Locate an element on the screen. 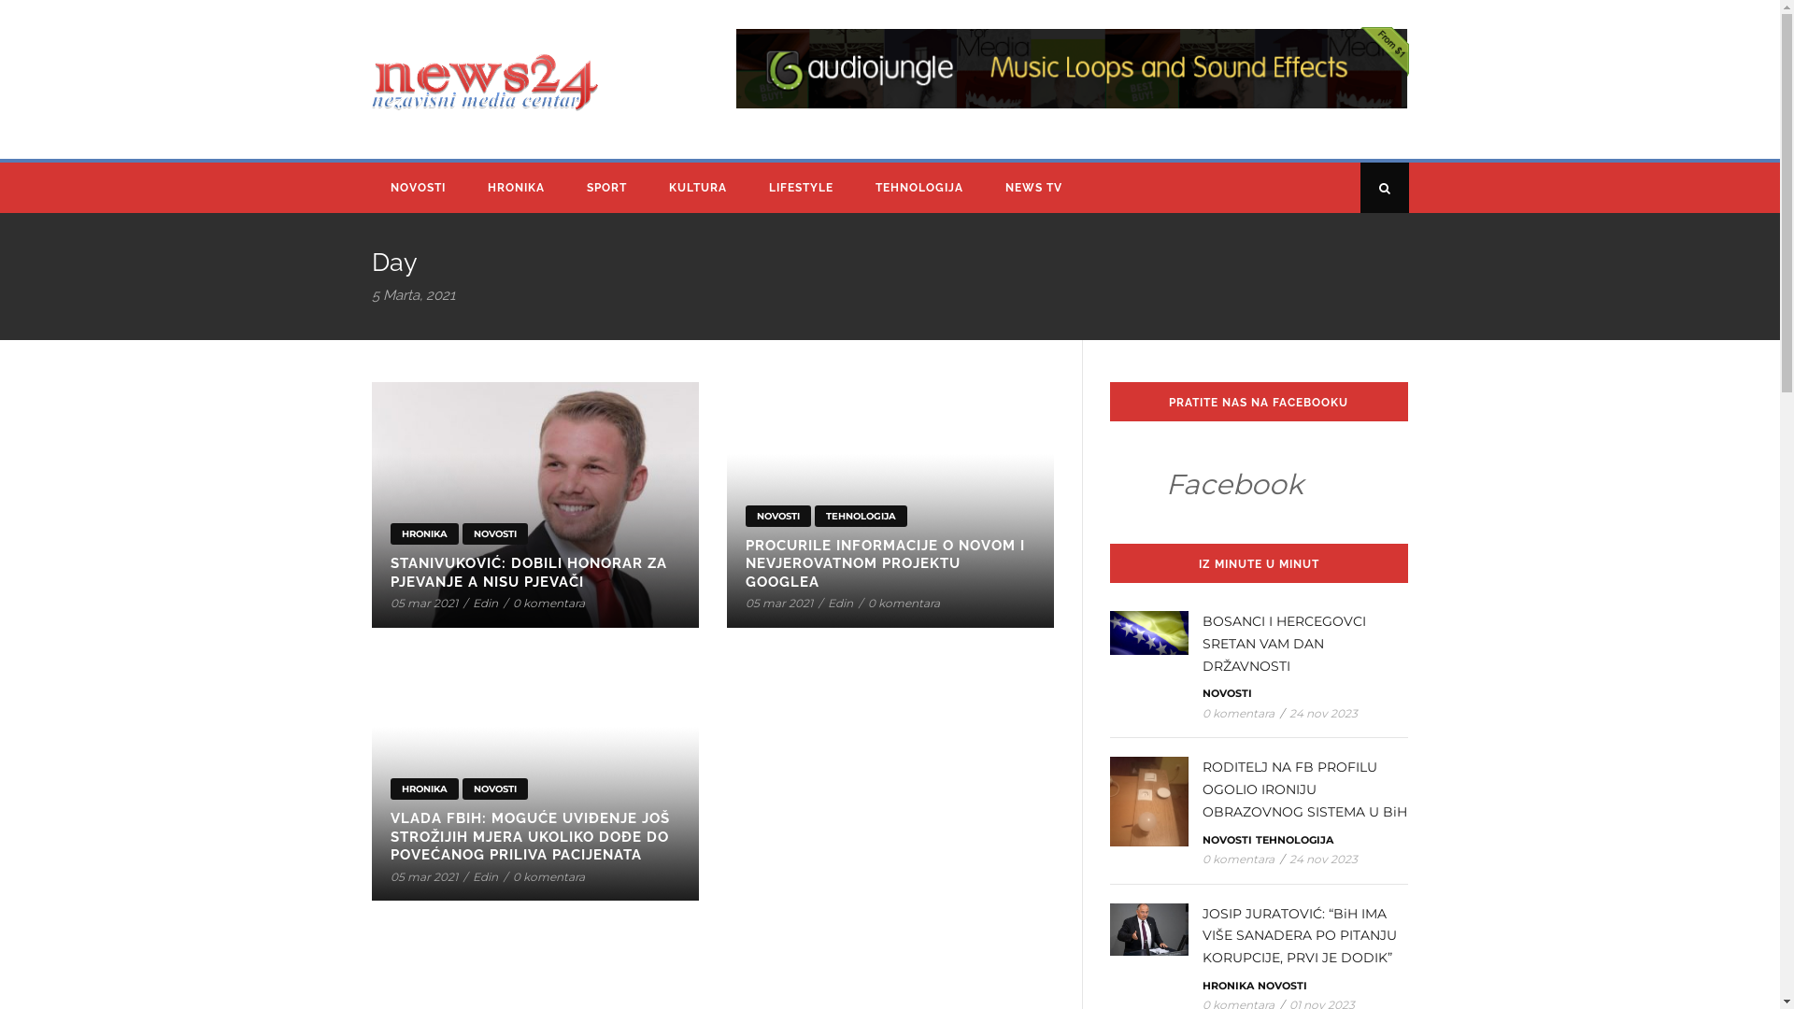  'SPORT' is located at coordinates (609, 187).